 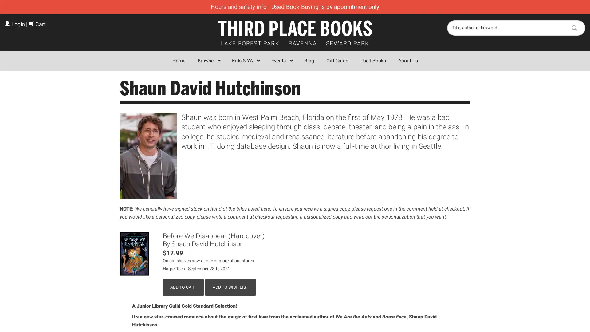 I want to click on Close, so click(x=384, y=90).